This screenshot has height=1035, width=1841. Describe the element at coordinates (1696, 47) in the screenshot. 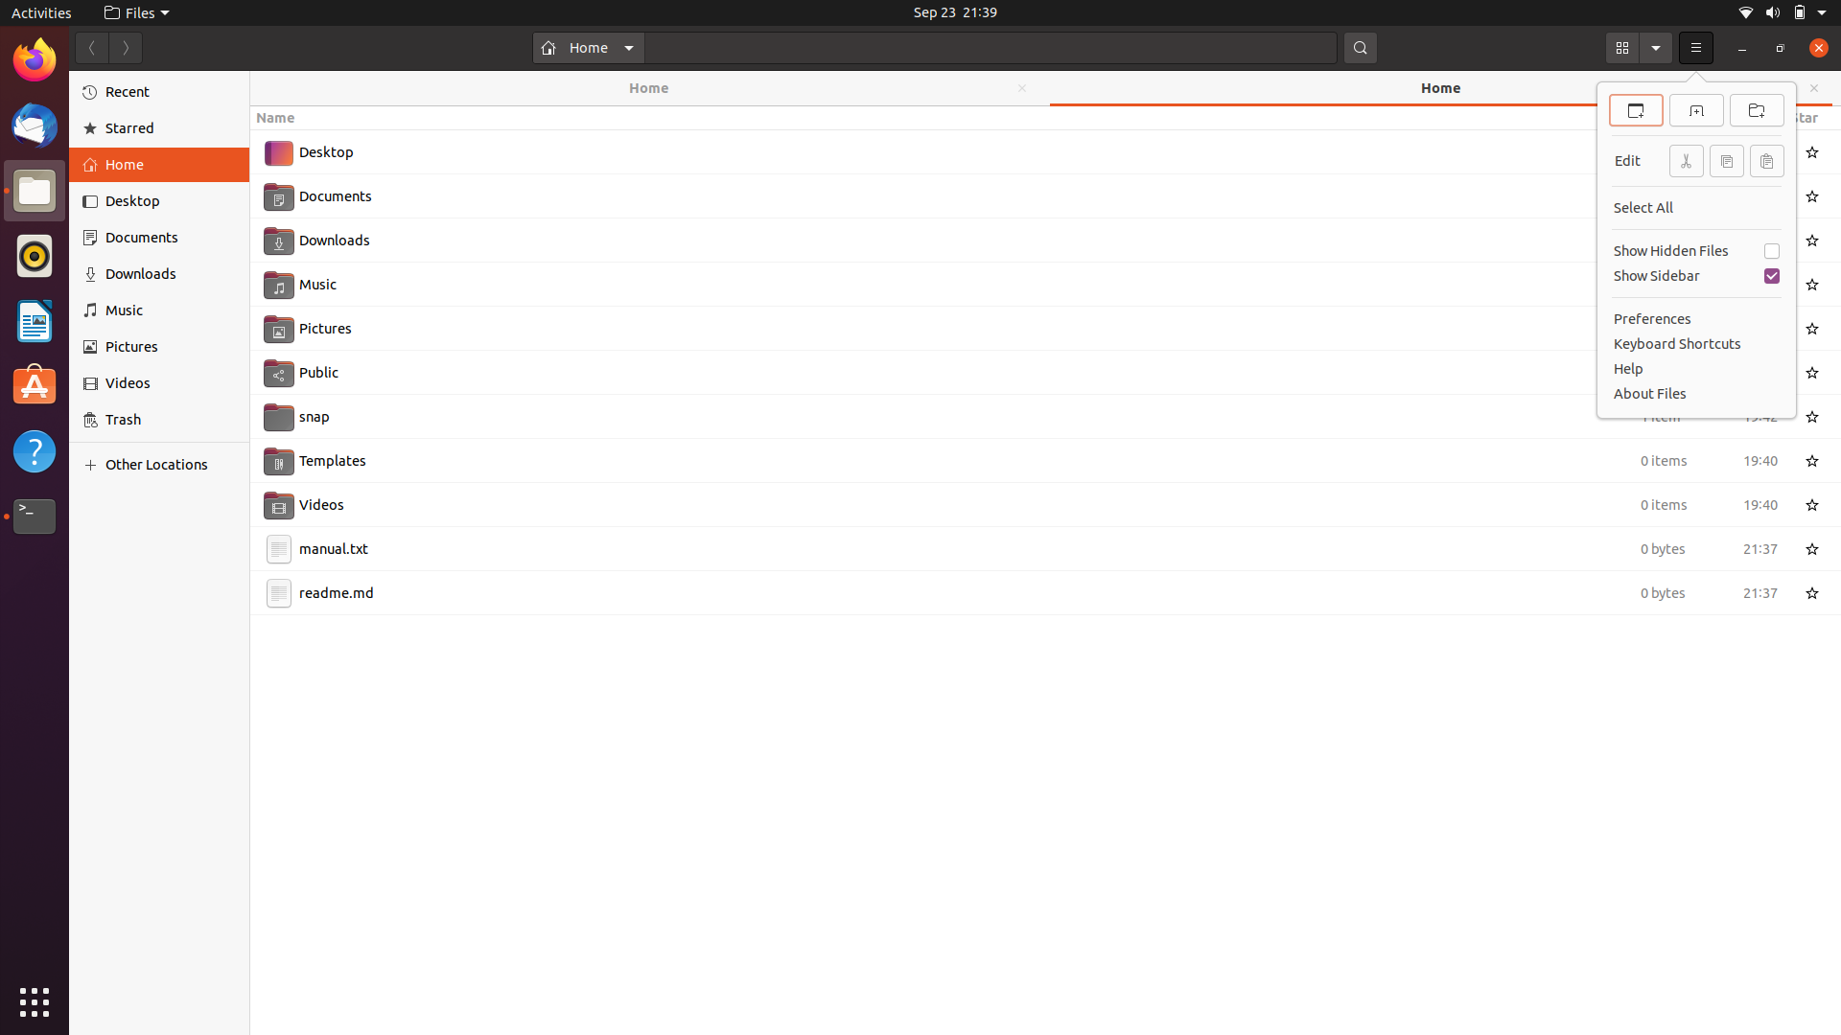

I see `the second menu using keyboard and mouse` at that location.